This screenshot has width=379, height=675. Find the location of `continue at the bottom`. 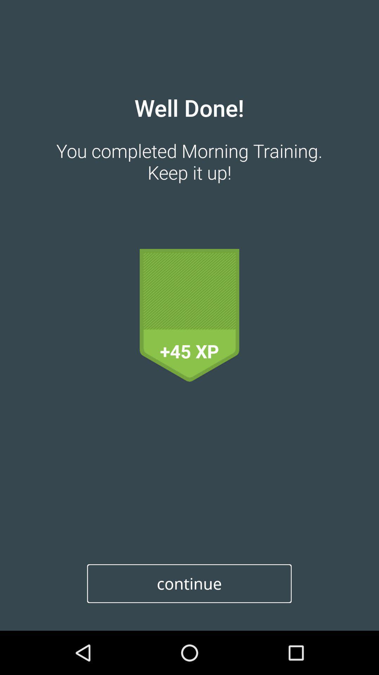

continue at the bottom is located at coordinates (189, 584).